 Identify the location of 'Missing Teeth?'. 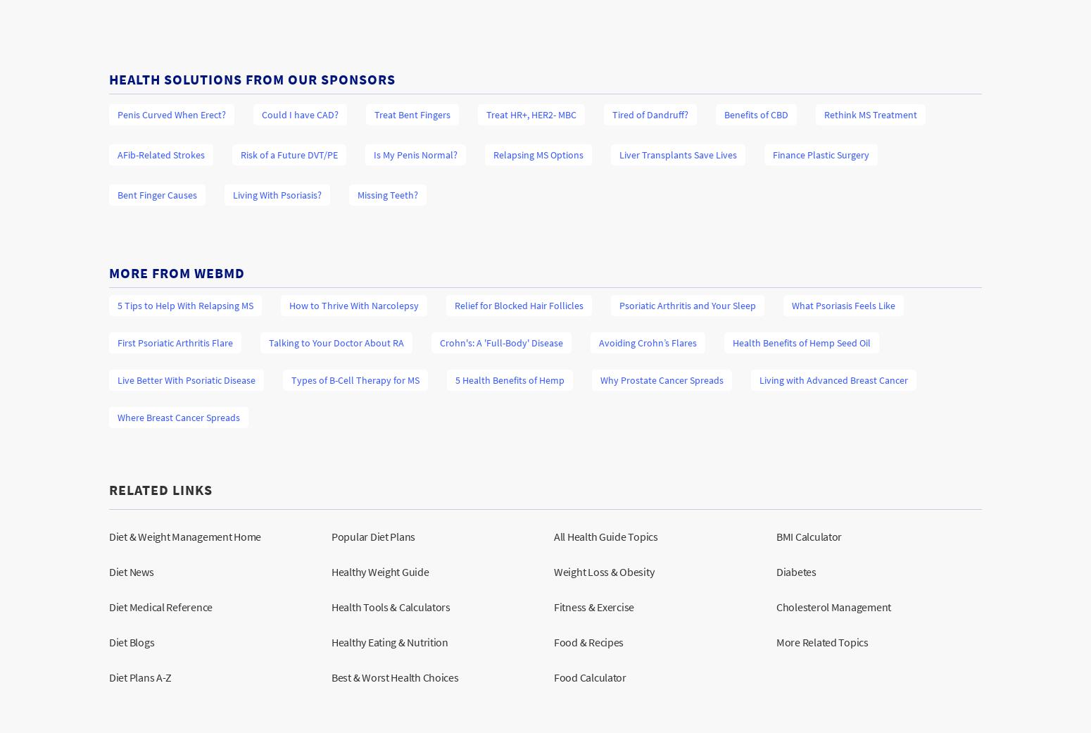
(388, 193).